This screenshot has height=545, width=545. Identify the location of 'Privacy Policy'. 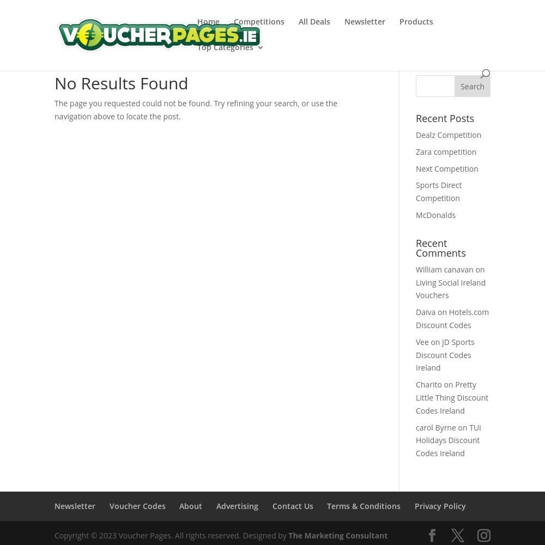
(440, 505).